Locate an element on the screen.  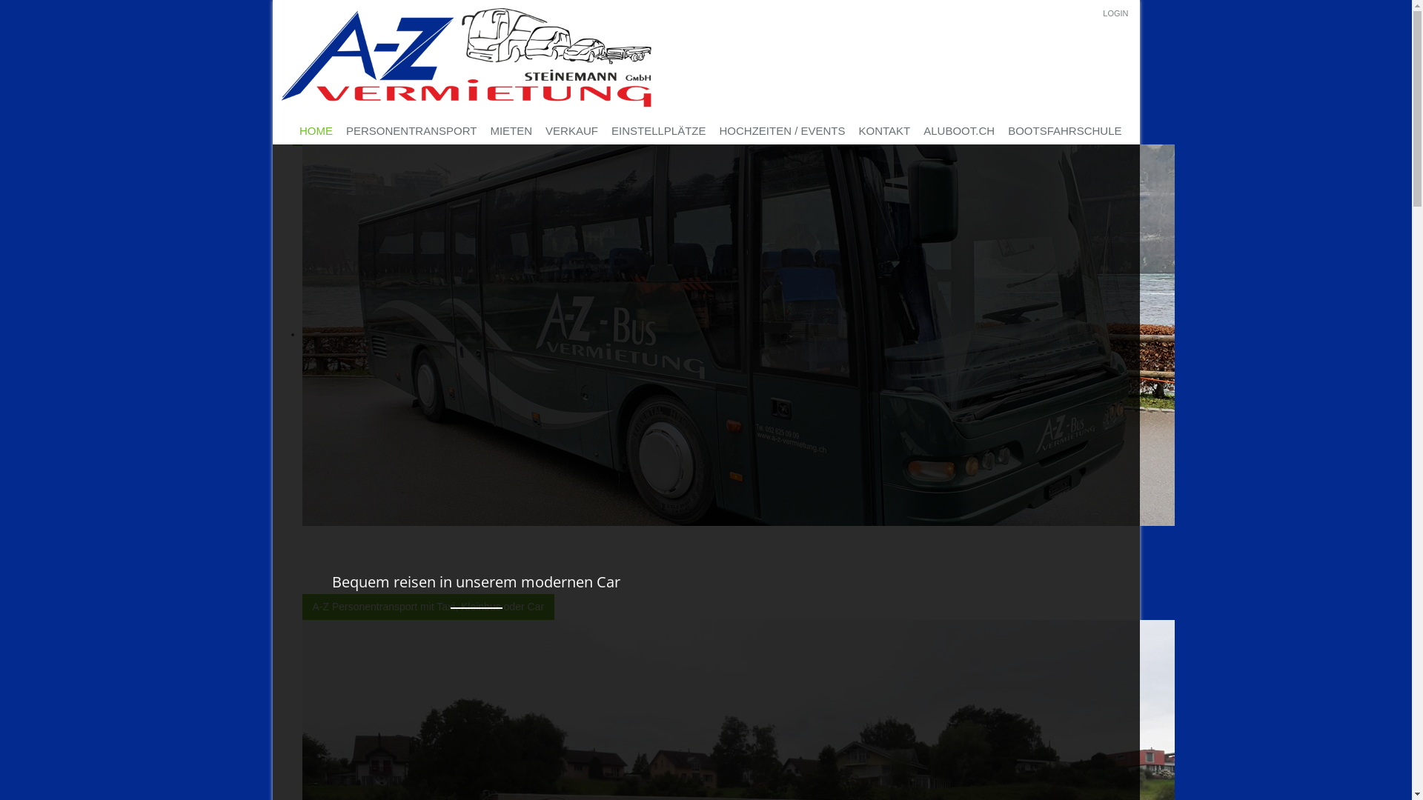
'ALUBOOT.CH' is located at coordinates (916, 130).